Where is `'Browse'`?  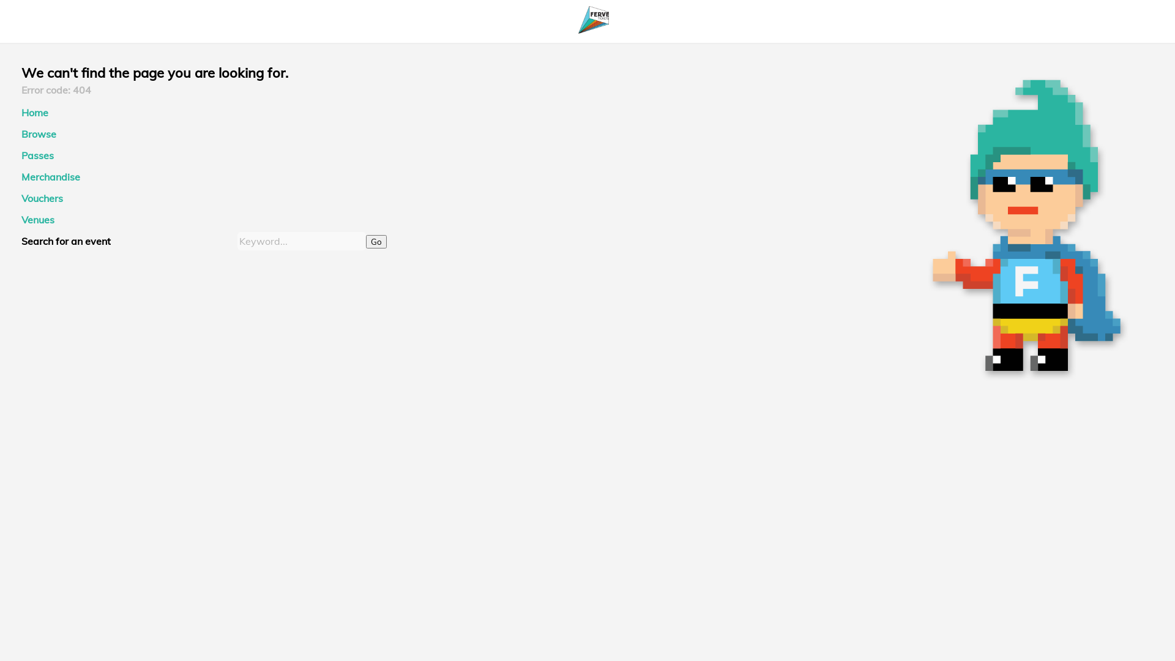
'Browse' is located at coordinates (39, 134).